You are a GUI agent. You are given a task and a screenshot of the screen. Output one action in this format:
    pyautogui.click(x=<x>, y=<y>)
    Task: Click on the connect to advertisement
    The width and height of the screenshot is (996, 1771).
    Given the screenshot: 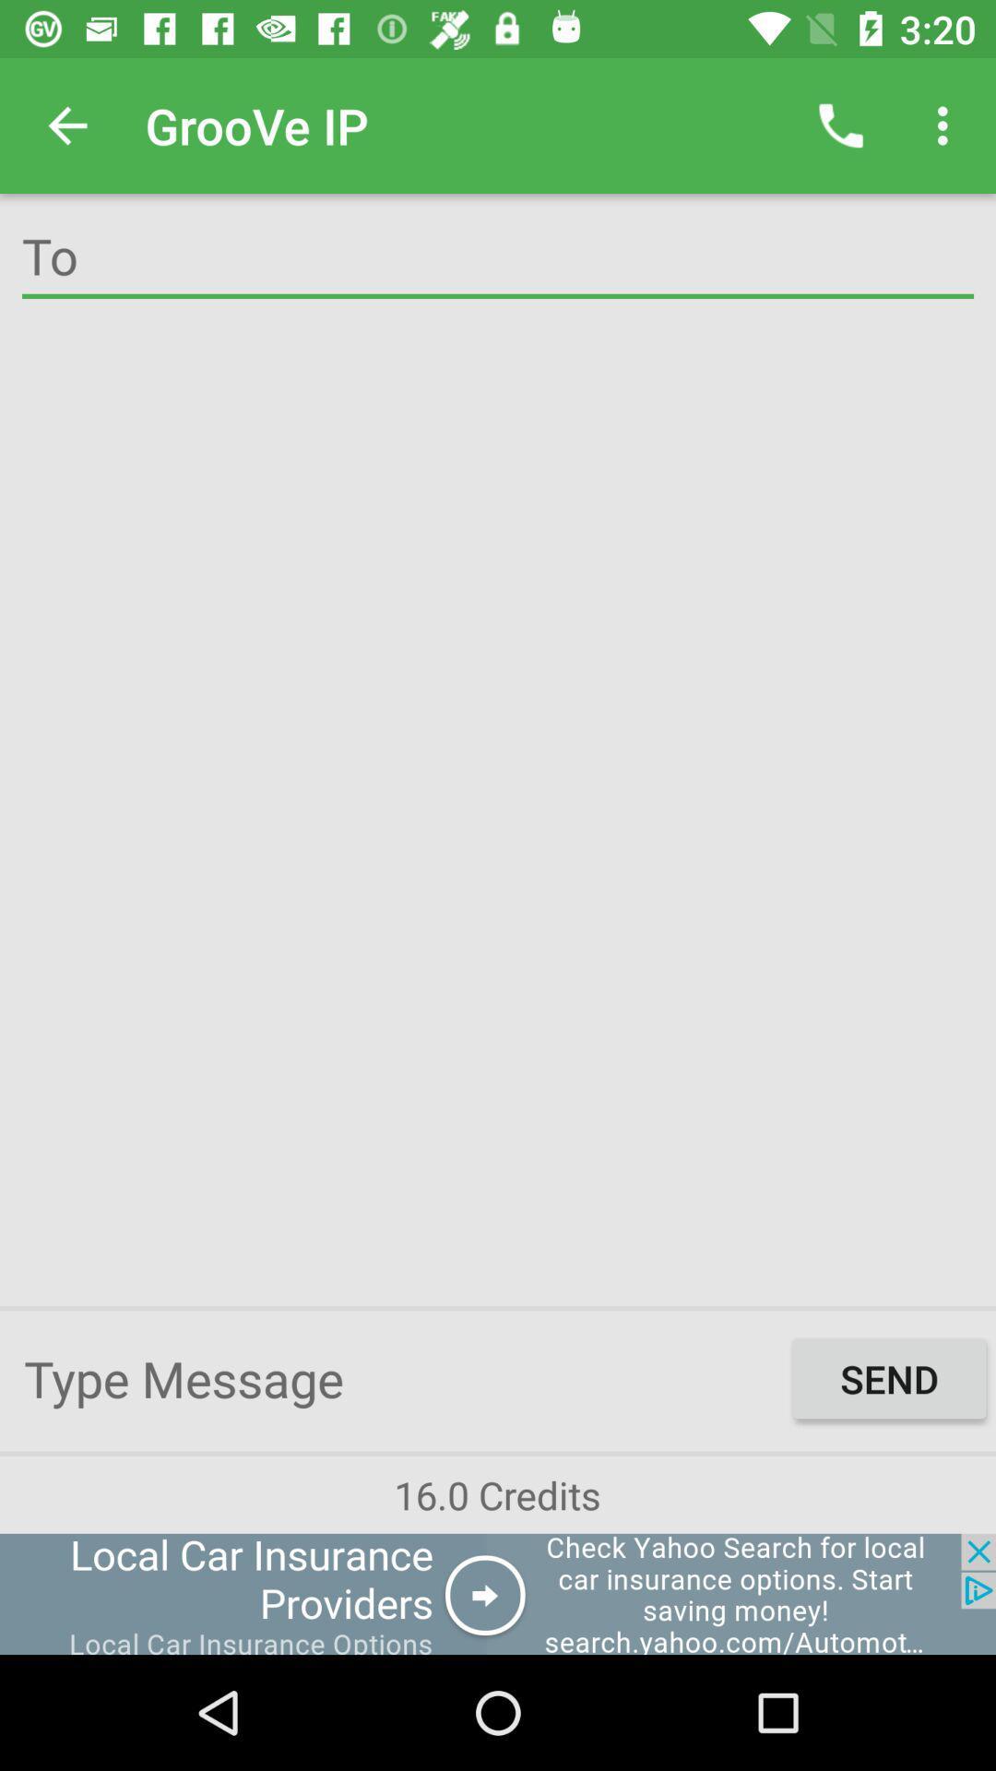 What is the action you would take?
    pyautogui.click(x=498, y=1593)
    